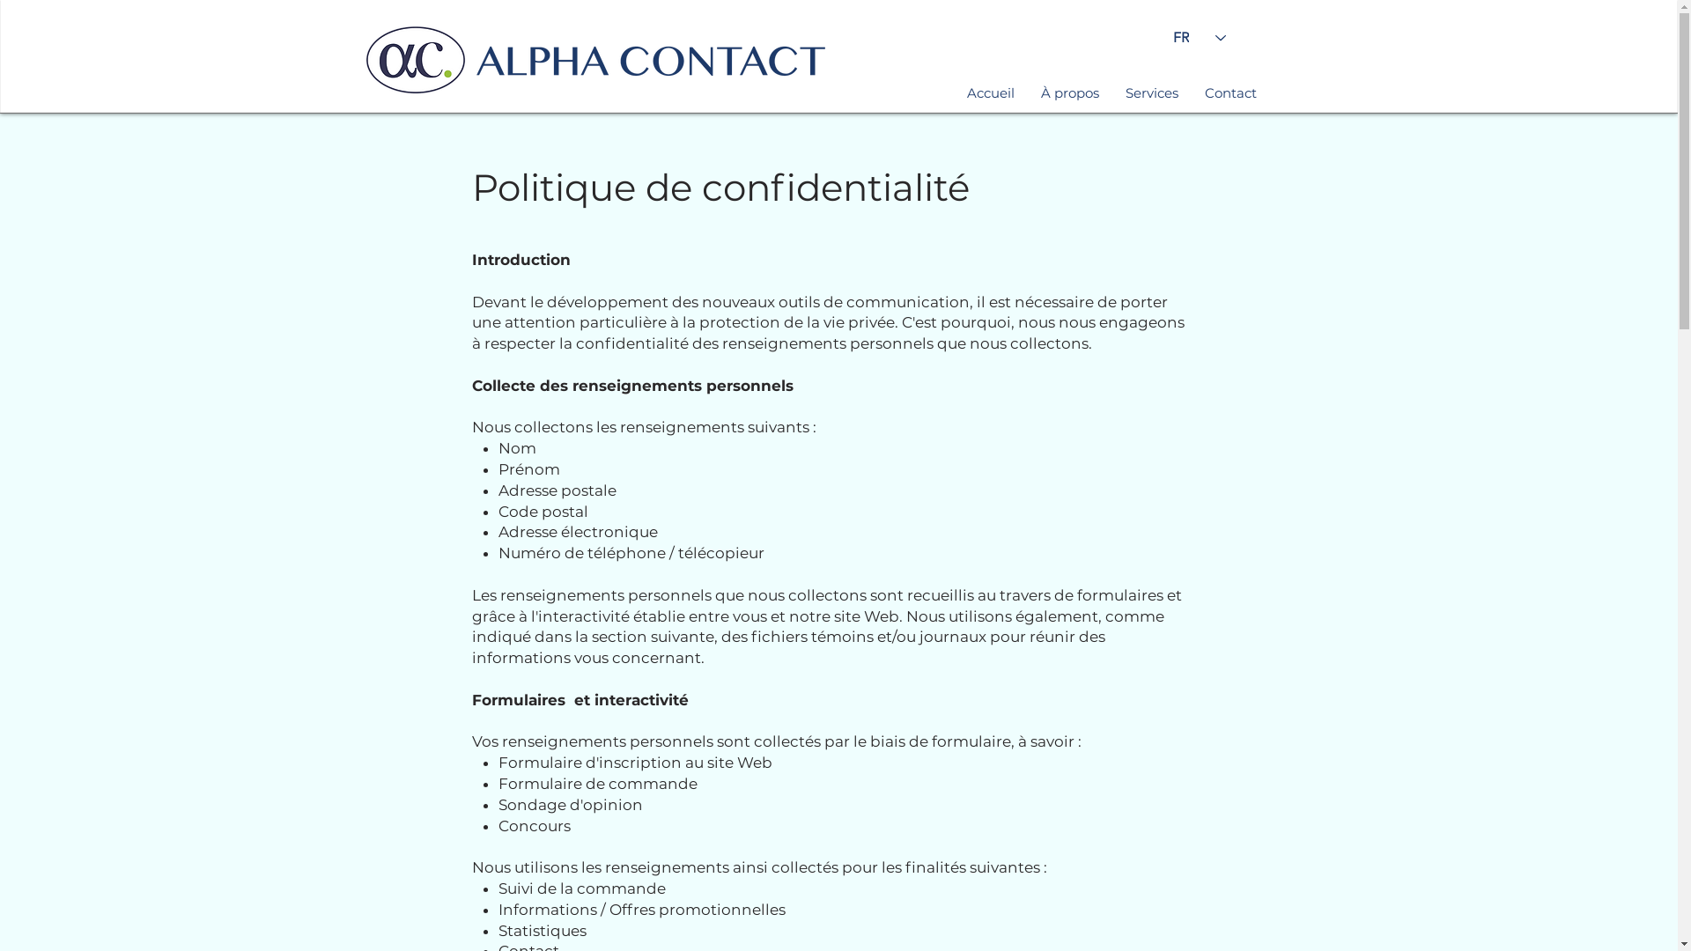 Image resolution: width=1691 pixels, height=951 pixels. I want to click on 'Services', so click(1111, 92).